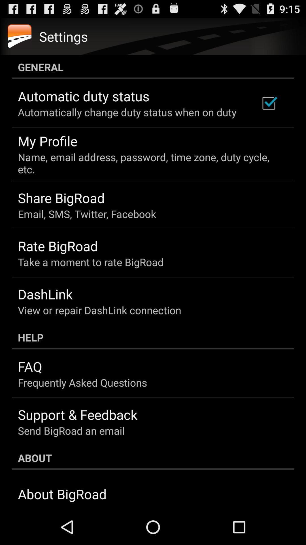 Image resolution: width=306 pixels, height=545 pixels. I want to click on the send bigroad an, so click(71, 431).